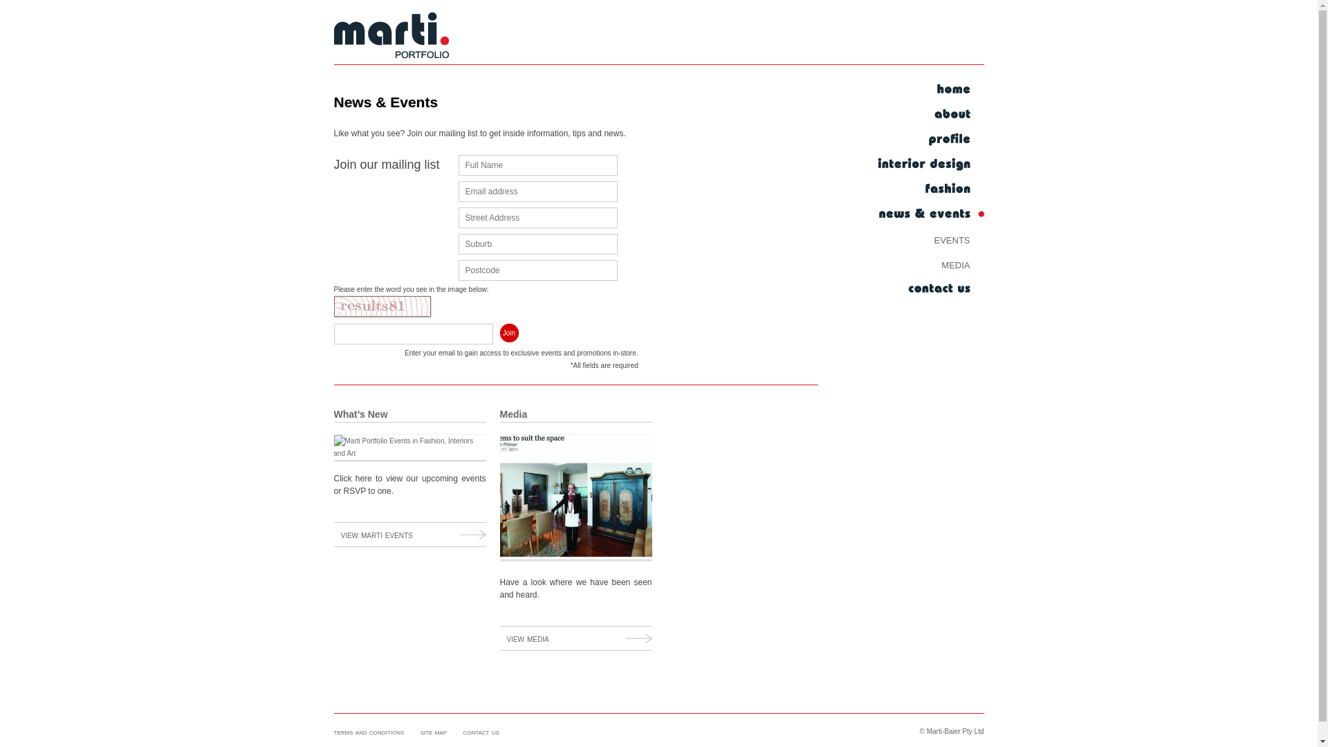 The image size is (1328, 747). Describe the element at coordinates (408, 448) in the screenshot. I see `'Marti Portfolio Events in Fashion, Interiors and Art'` at that location.